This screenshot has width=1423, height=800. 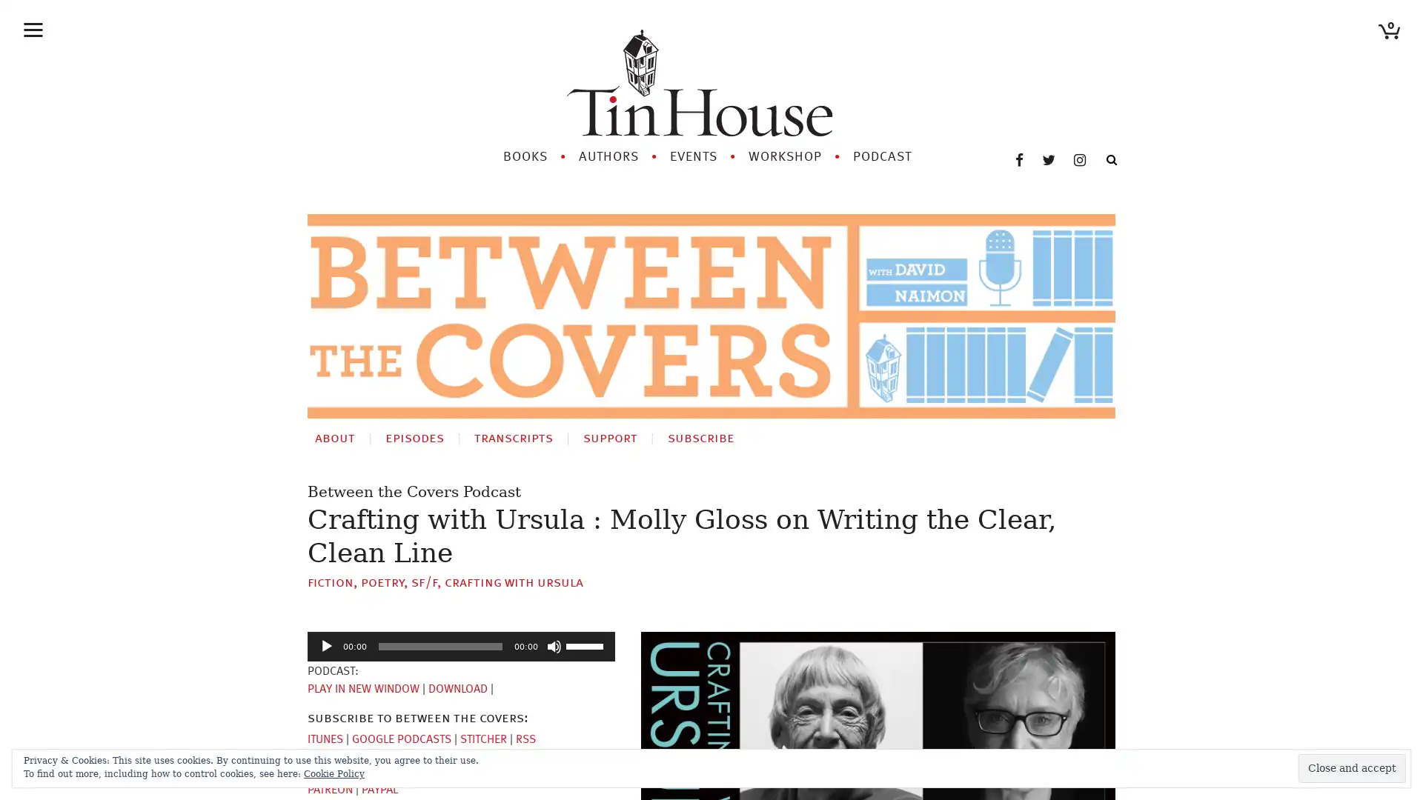 What do you see at coordinates (326, 627) in the screenshot?
I see `Play` at bounding box center [326, 627].